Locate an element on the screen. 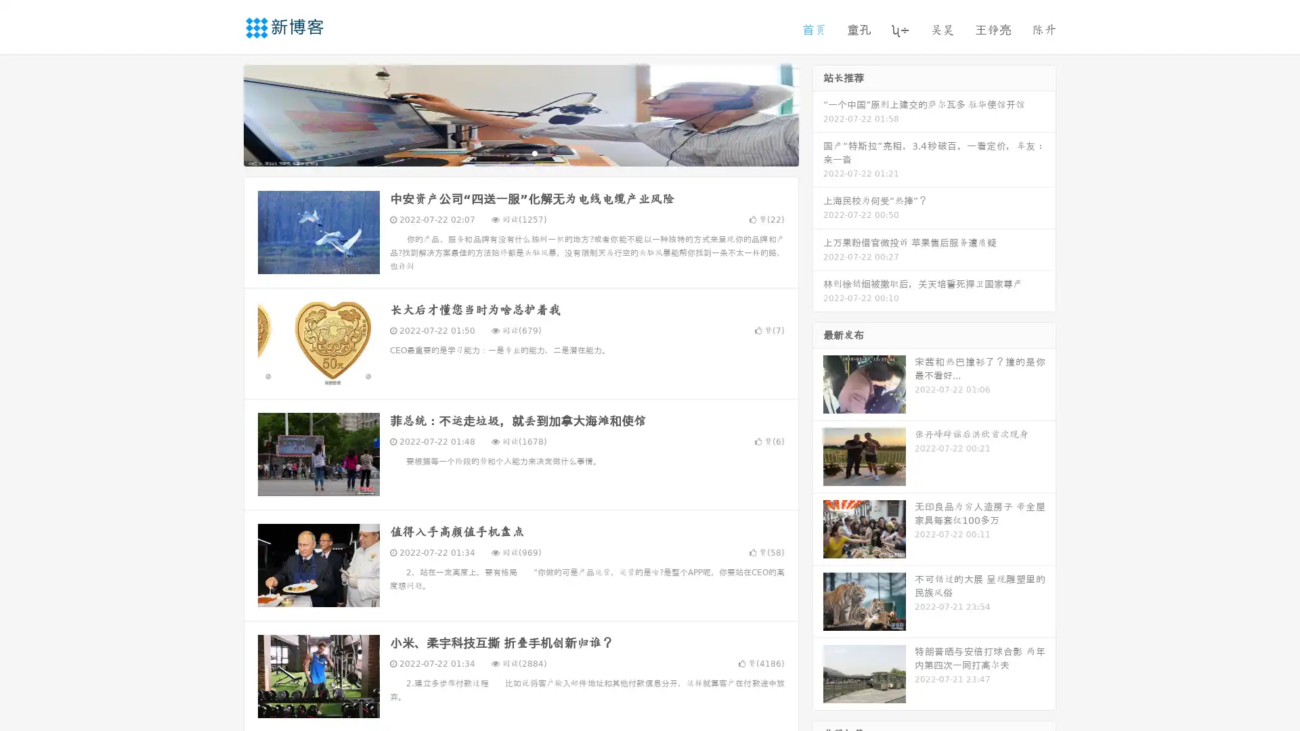  Go to slide 3 is located at coordinates (534, 152).